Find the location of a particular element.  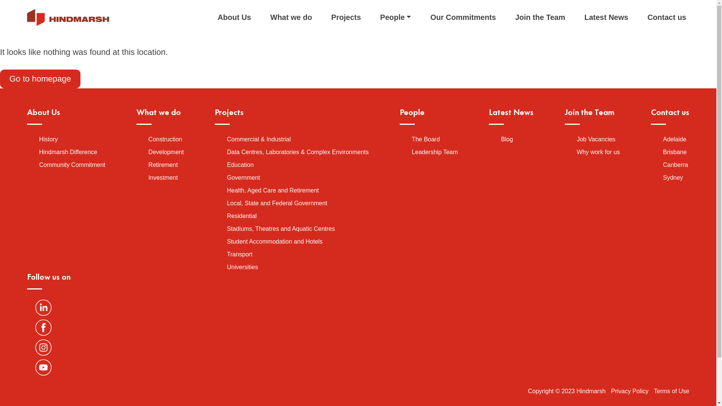

'People' is located at coordinates (395, 17).